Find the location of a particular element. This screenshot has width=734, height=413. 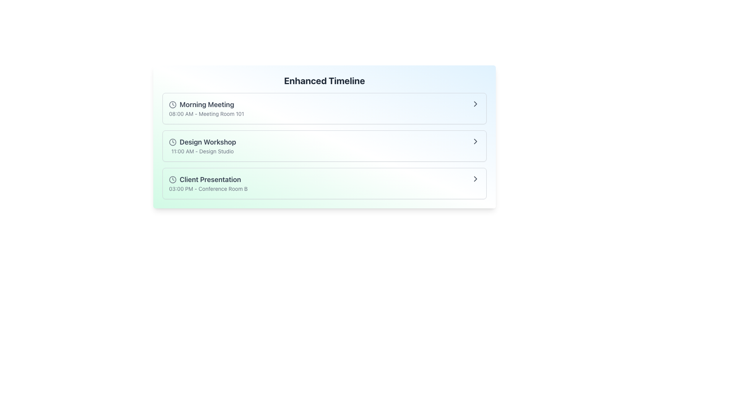

the circular component of the clock icon associated with the 'Design Workshop' event, located before the title in the middle row of the timeline interface is located at coordinates (172, 142).